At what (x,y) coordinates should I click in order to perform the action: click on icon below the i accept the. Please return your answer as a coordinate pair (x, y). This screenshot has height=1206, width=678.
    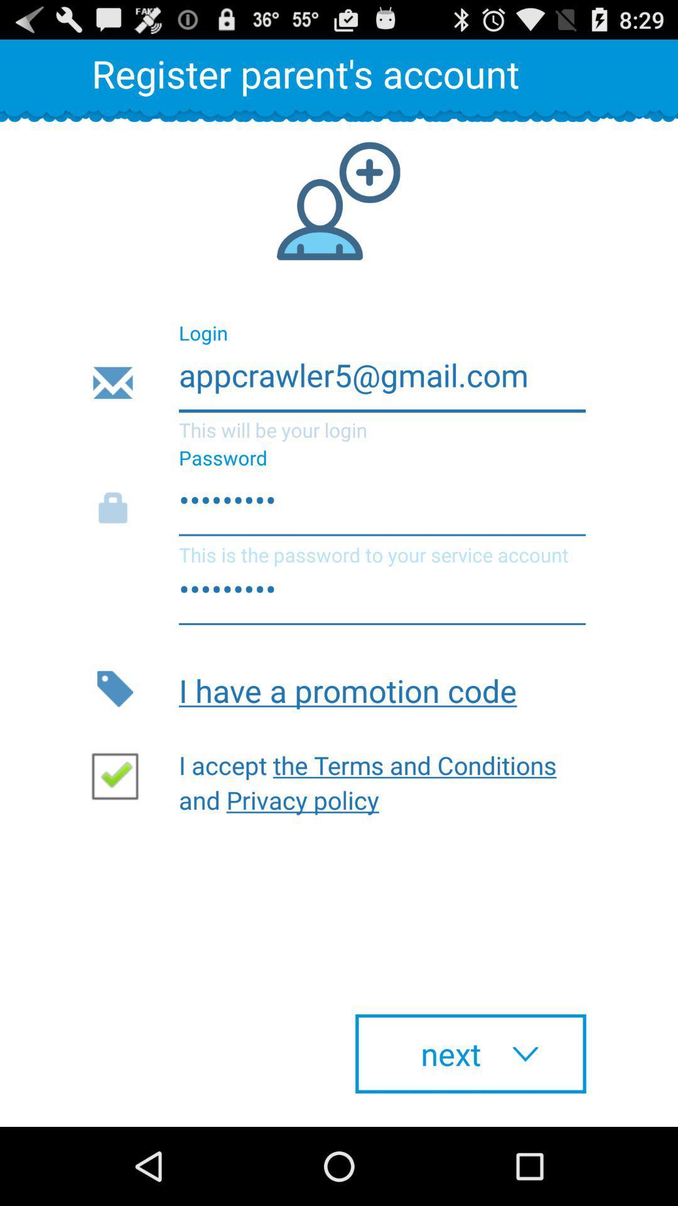
    Looking at the image, I should click on (470, 1053).